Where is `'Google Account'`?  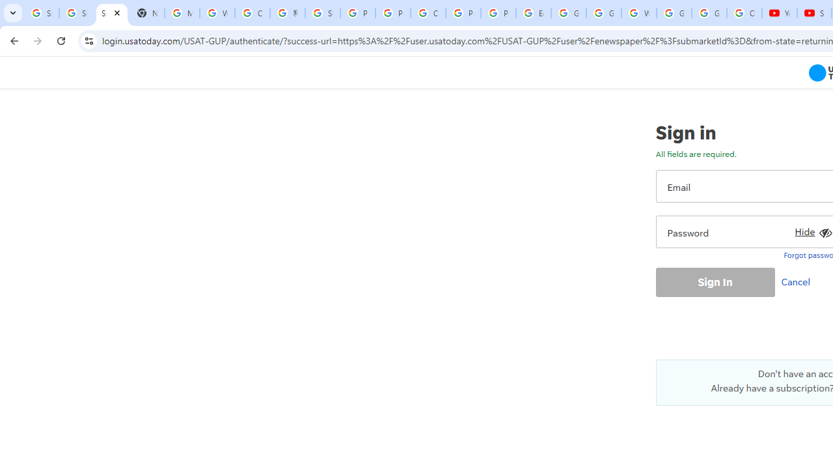
'Google Account' is located at coordinates (708, 13).